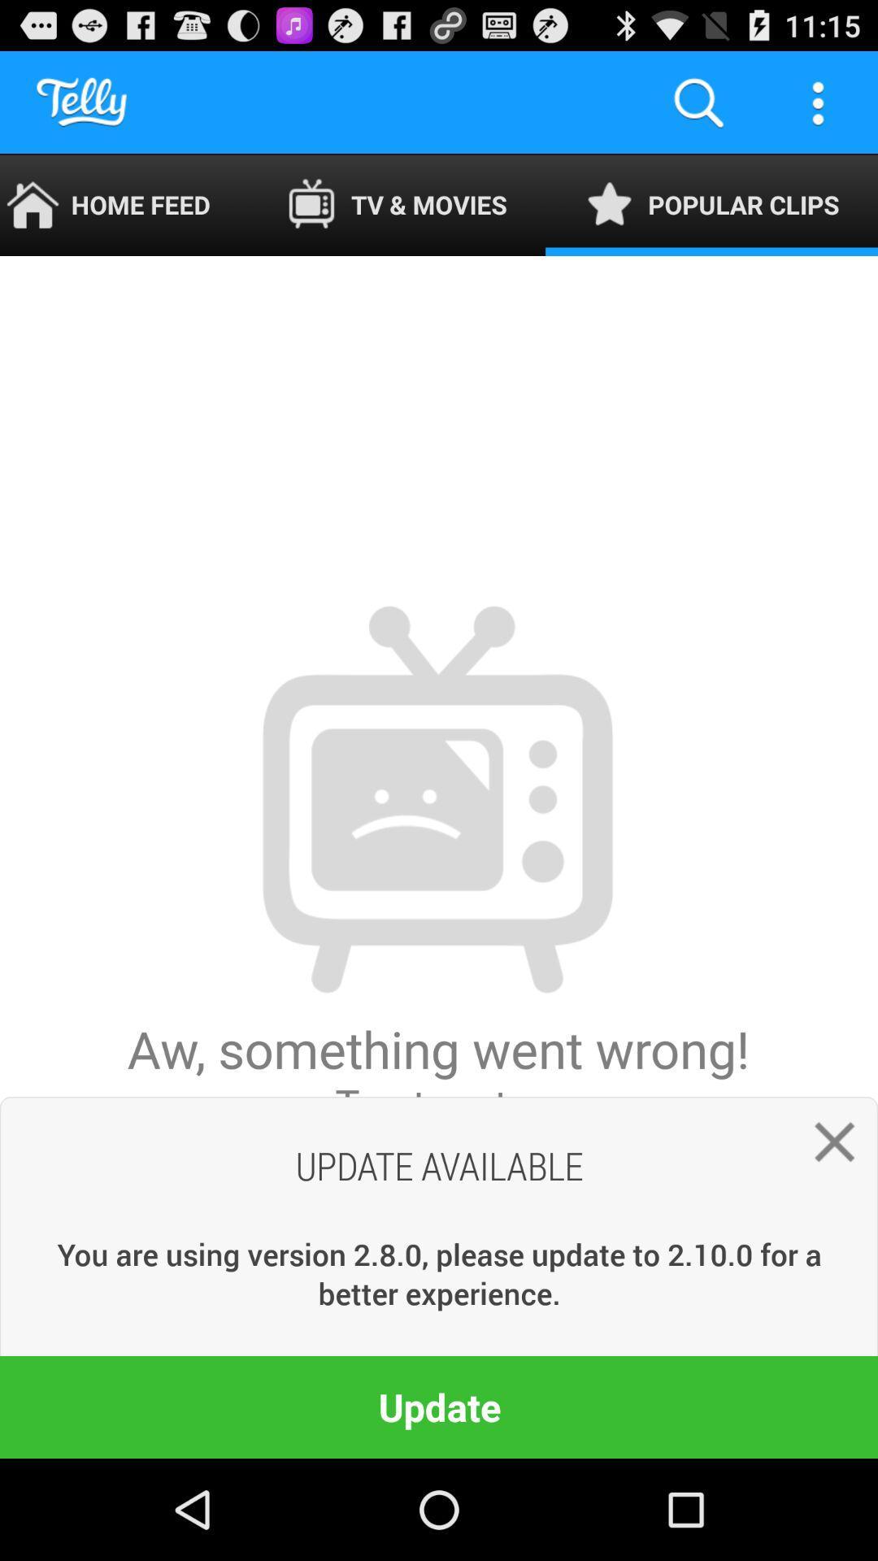 Image resolution: width=878 pixels, height=1561 pixels. What do you see at coordinates (397, 204) in the screenshot?
I see `icon next to popular clips` at bounding box center [397, 204].